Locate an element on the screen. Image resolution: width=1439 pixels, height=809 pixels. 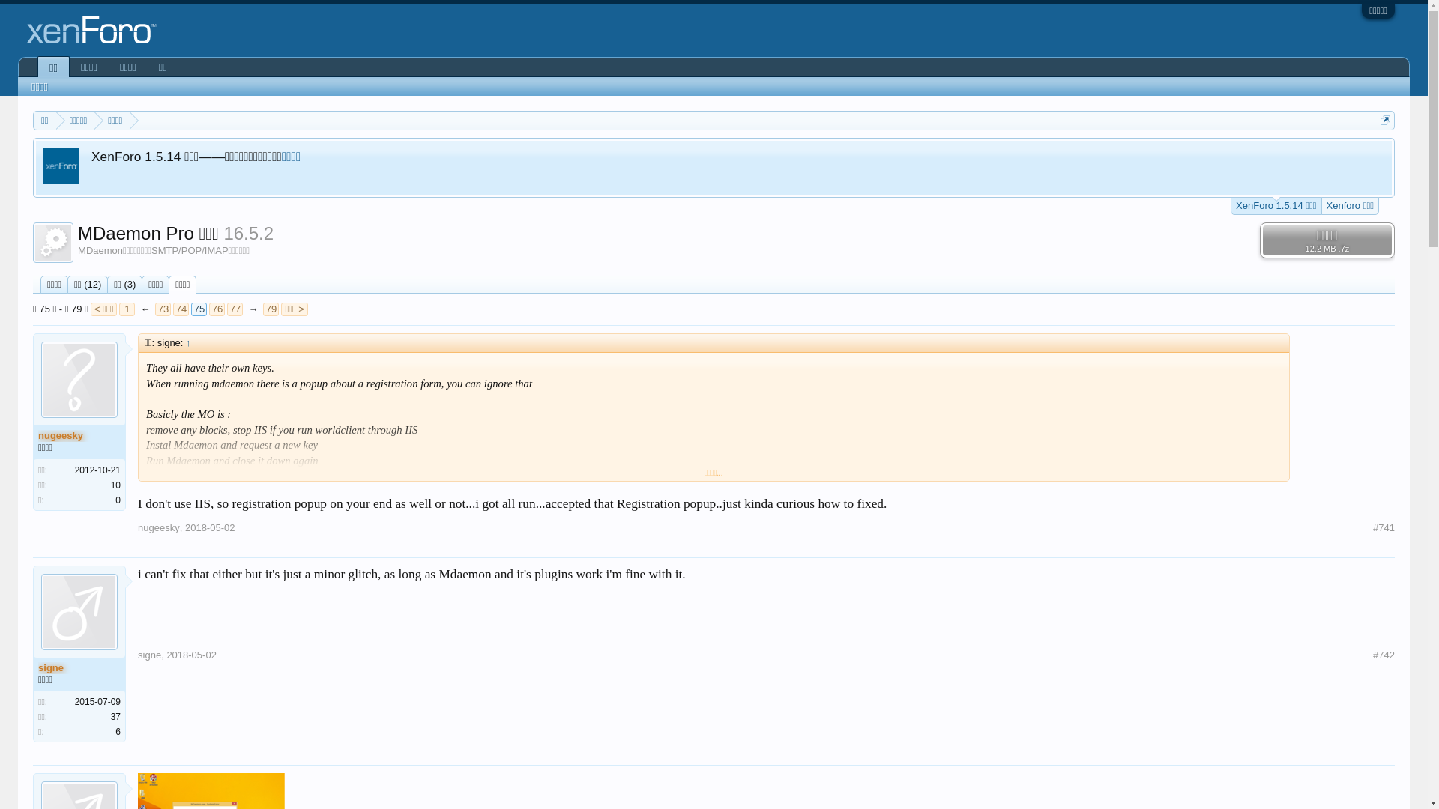
'nugeesky' is located at coordinates (78, 436).